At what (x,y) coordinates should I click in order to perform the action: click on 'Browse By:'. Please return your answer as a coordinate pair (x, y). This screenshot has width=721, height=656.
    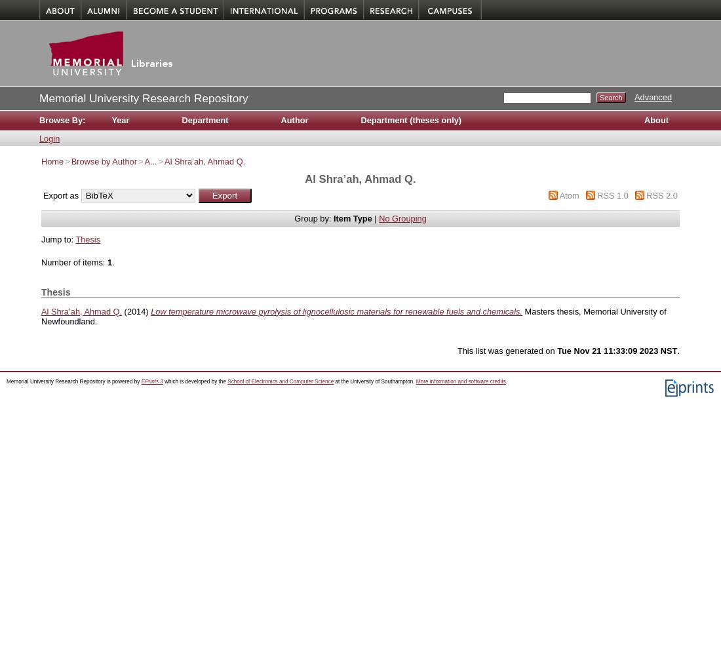
    Looking at the image, I should click on (38, 120).